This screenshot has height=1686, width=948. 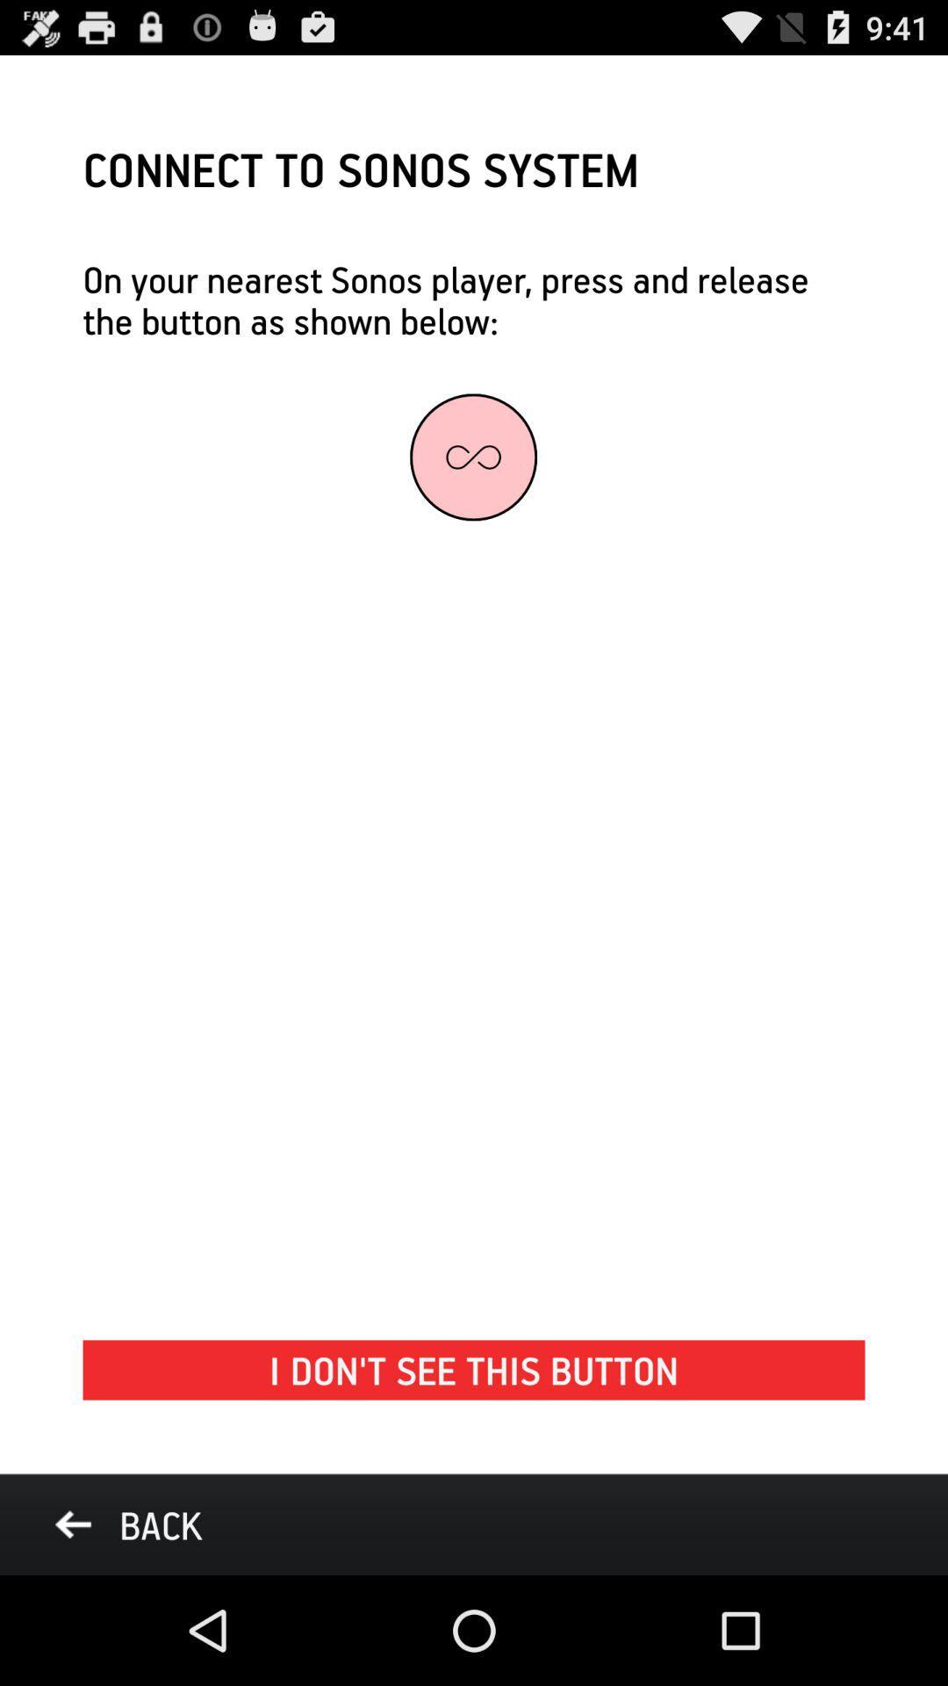 What do you see at coordinates (127, 1524) in the screenshot?
I see `the back at the bottom left corner` at bounding box center [127, 1524].